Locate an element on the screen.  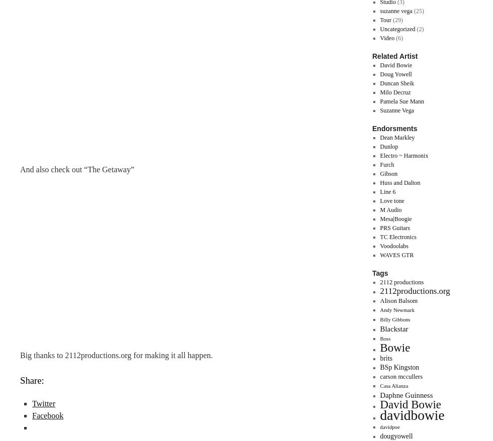
'Share:' is located at coordinates (31, 380).